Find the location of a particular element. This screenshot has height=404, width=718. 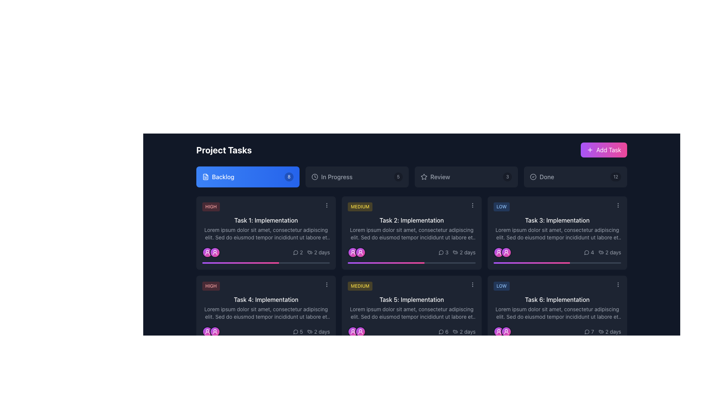

the user avatar group representing assigned users for 'Task 1: Implementation' in the 'Backlog' section is located at coordinates (211, 252).